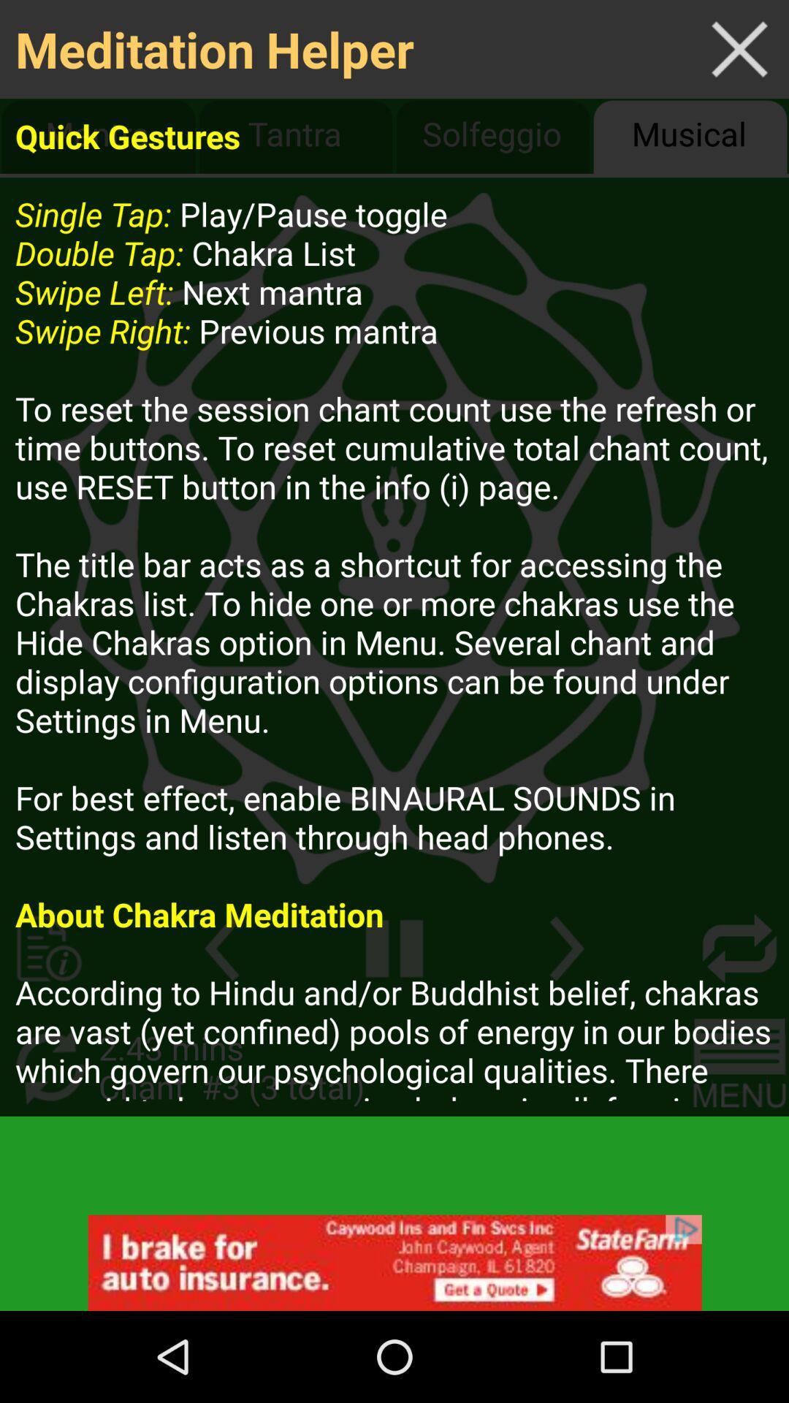  I want to click on the arrow_forward icon, so click(566, 1014).